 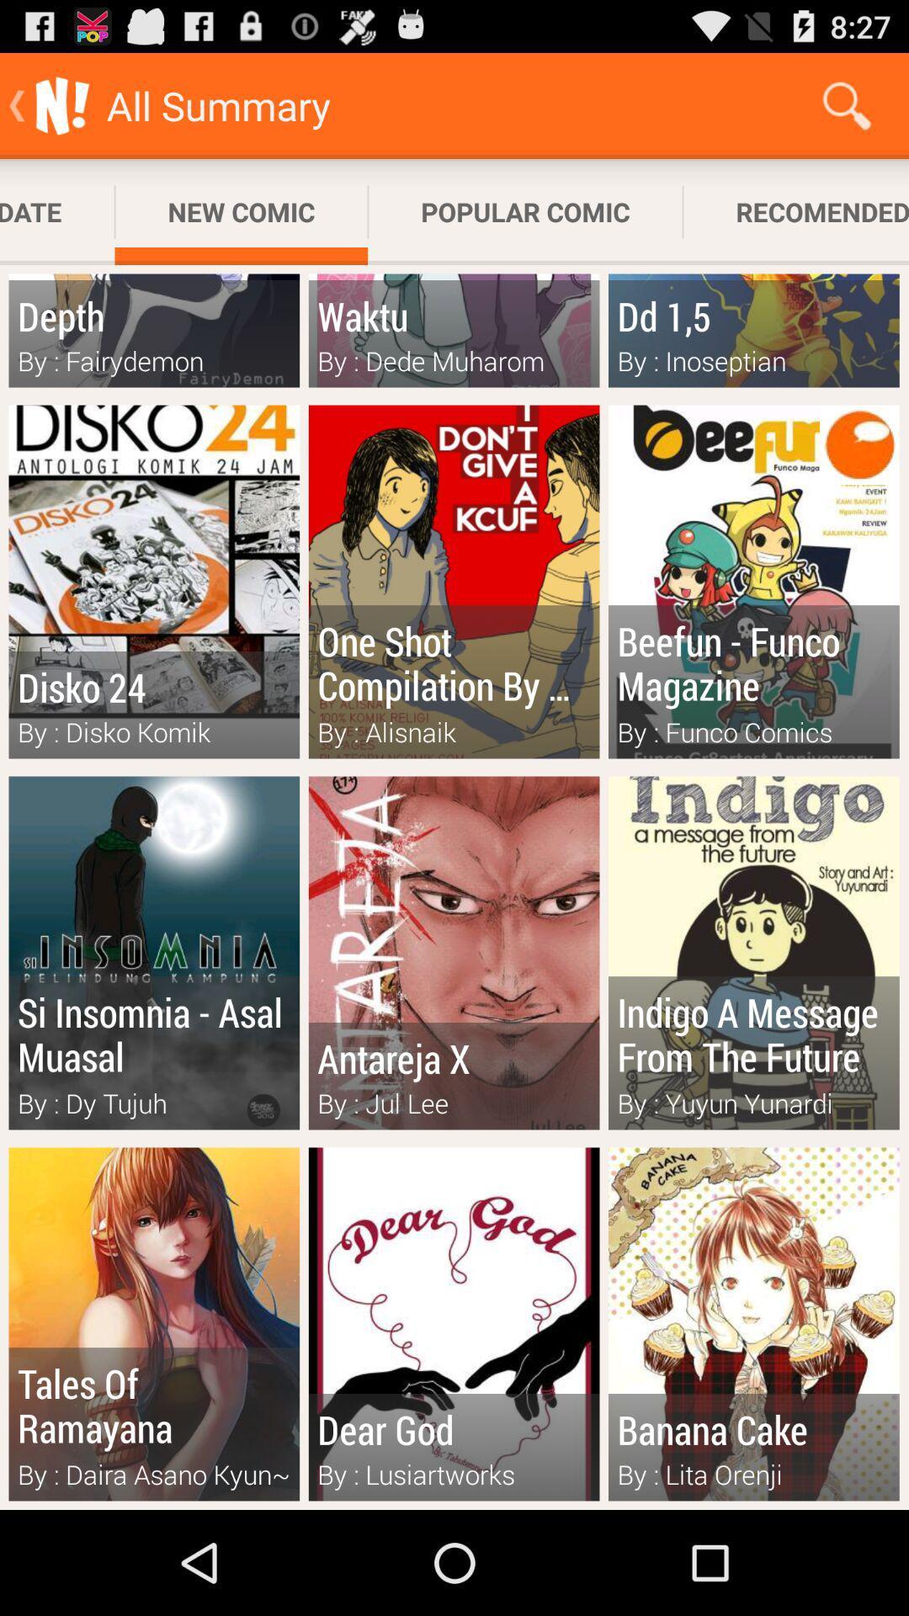 What do you see at coordinates (795, 211) in the screenshot?
I see `the recomended comic item` at bounding box center [795, 211].